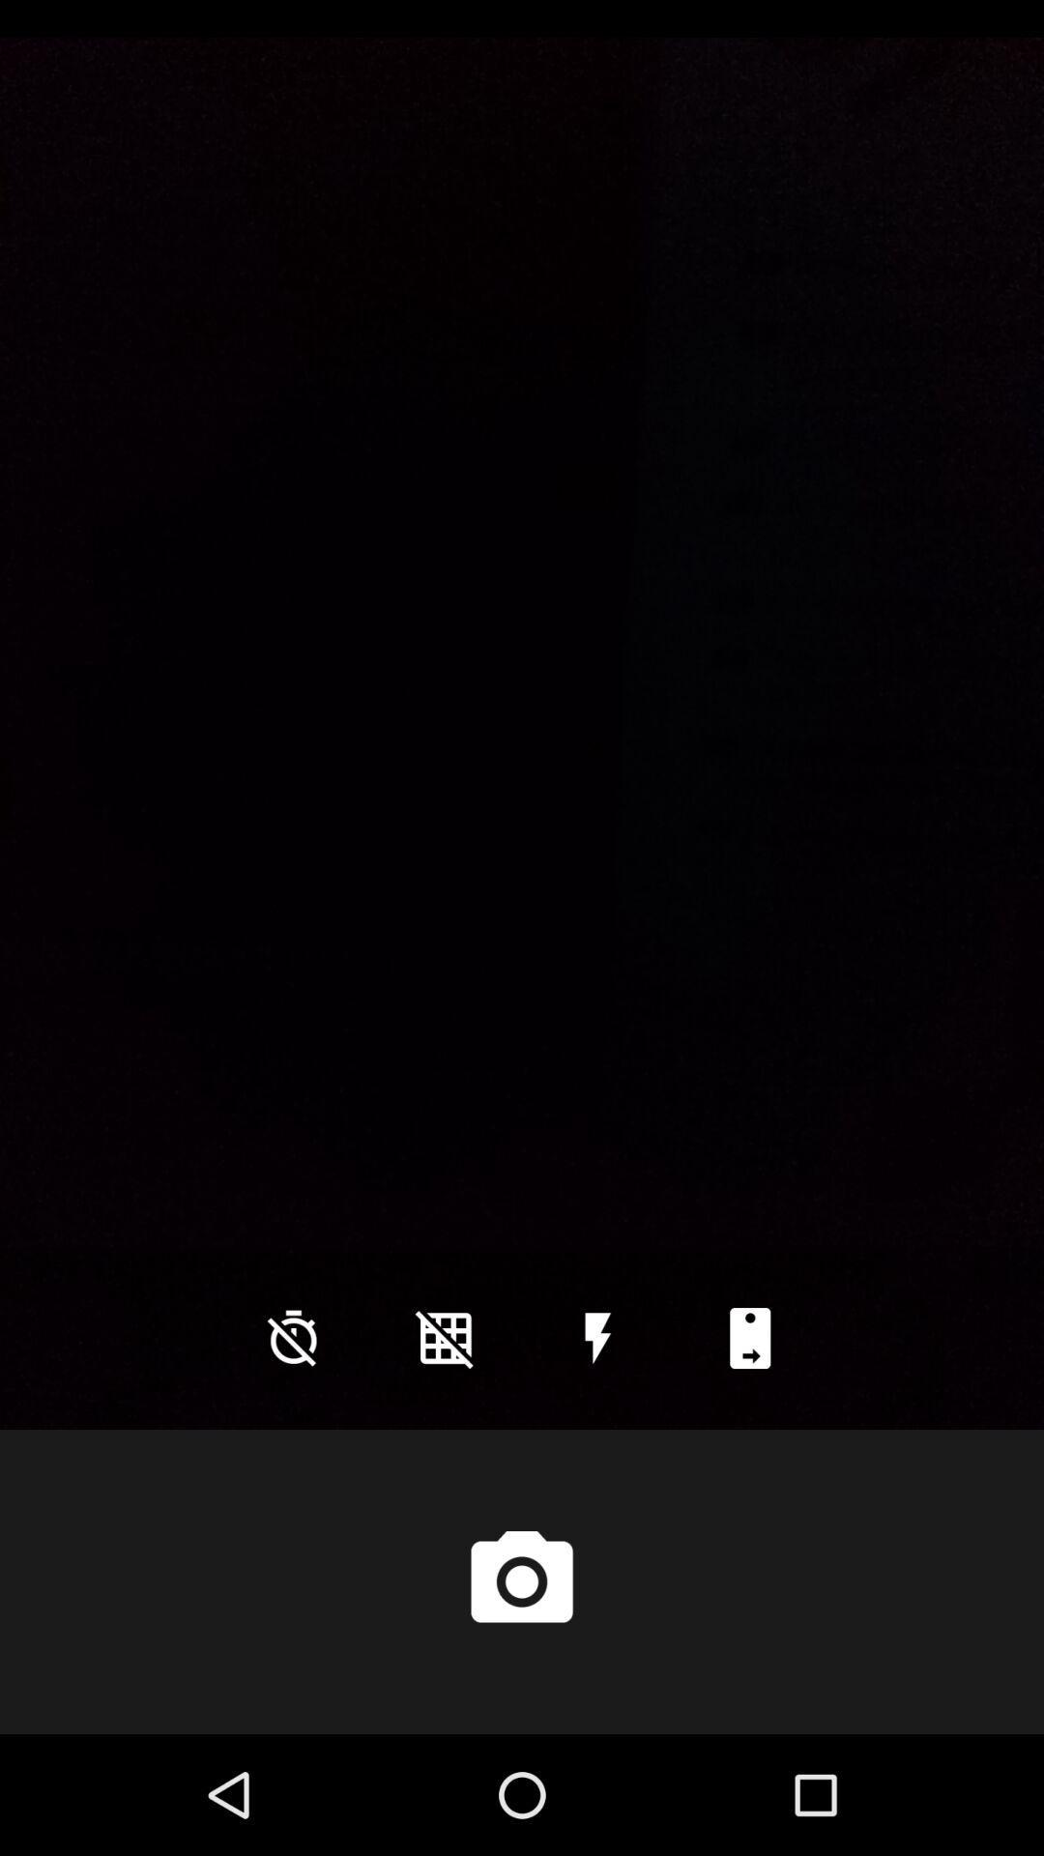 The height and width of the screenshot is (1856, 1044). What do you see at coordinates (596, 1337) in the screenshot?
I see `the flash icon` at bounding box center [596, 1337].